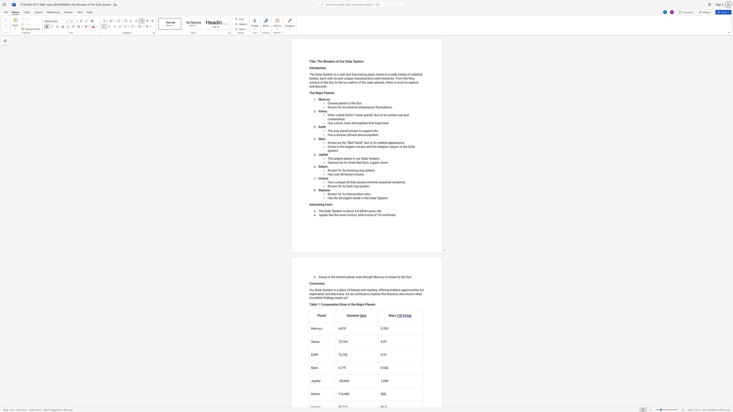  What do you see at coordinates (326, 92) in the screenshot?
I see `the 1th character "l" in the text` at bounding box center [326, 92].